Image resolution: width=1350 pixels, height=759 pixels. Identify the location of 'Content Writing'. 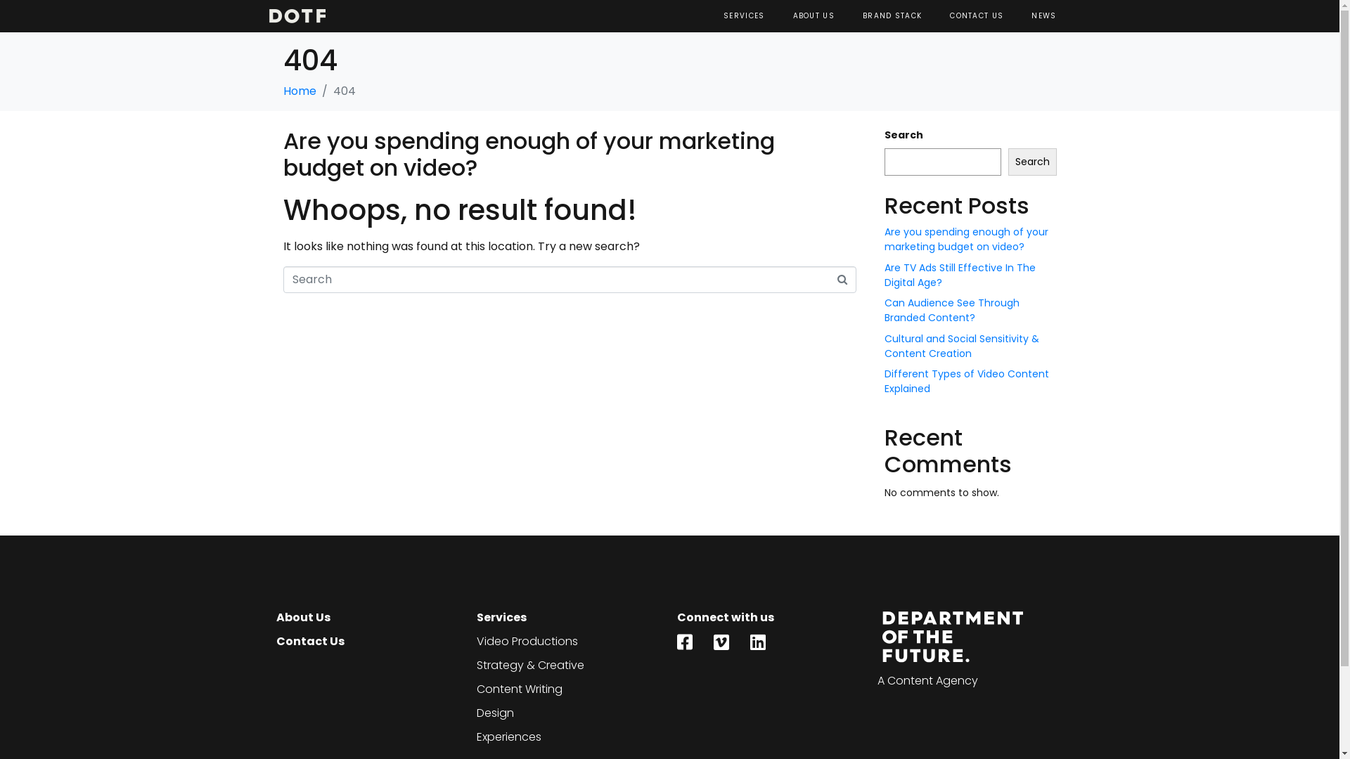
(570, 688).